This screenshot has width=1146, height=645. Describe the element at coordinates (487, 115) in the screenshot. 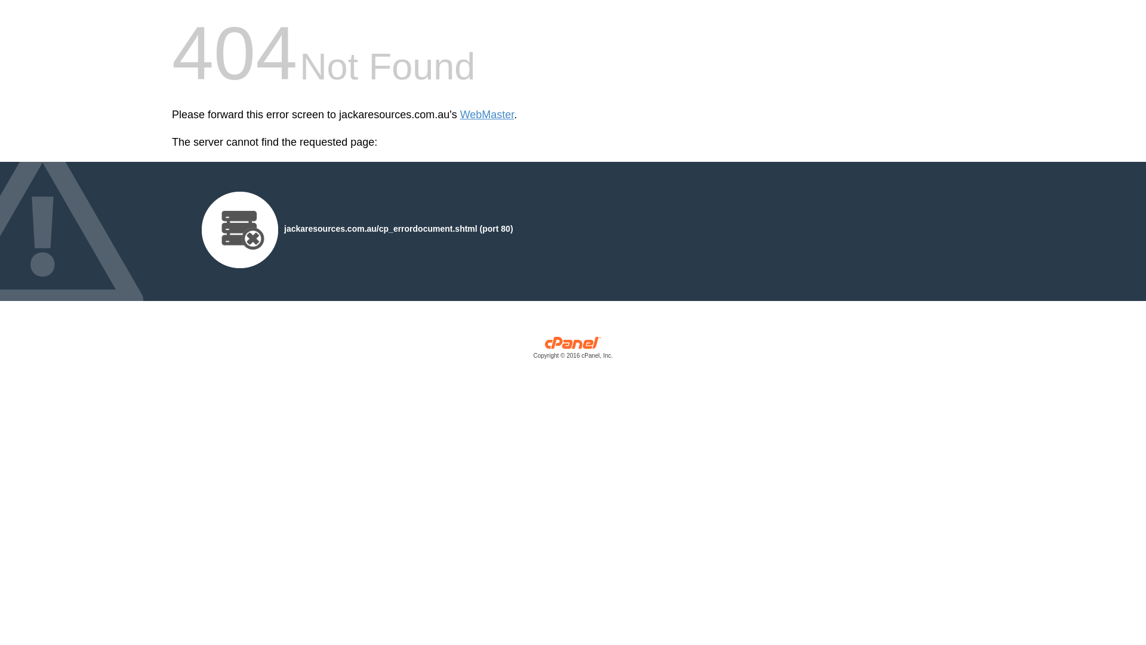

I see `'WebMaster'` at that location.